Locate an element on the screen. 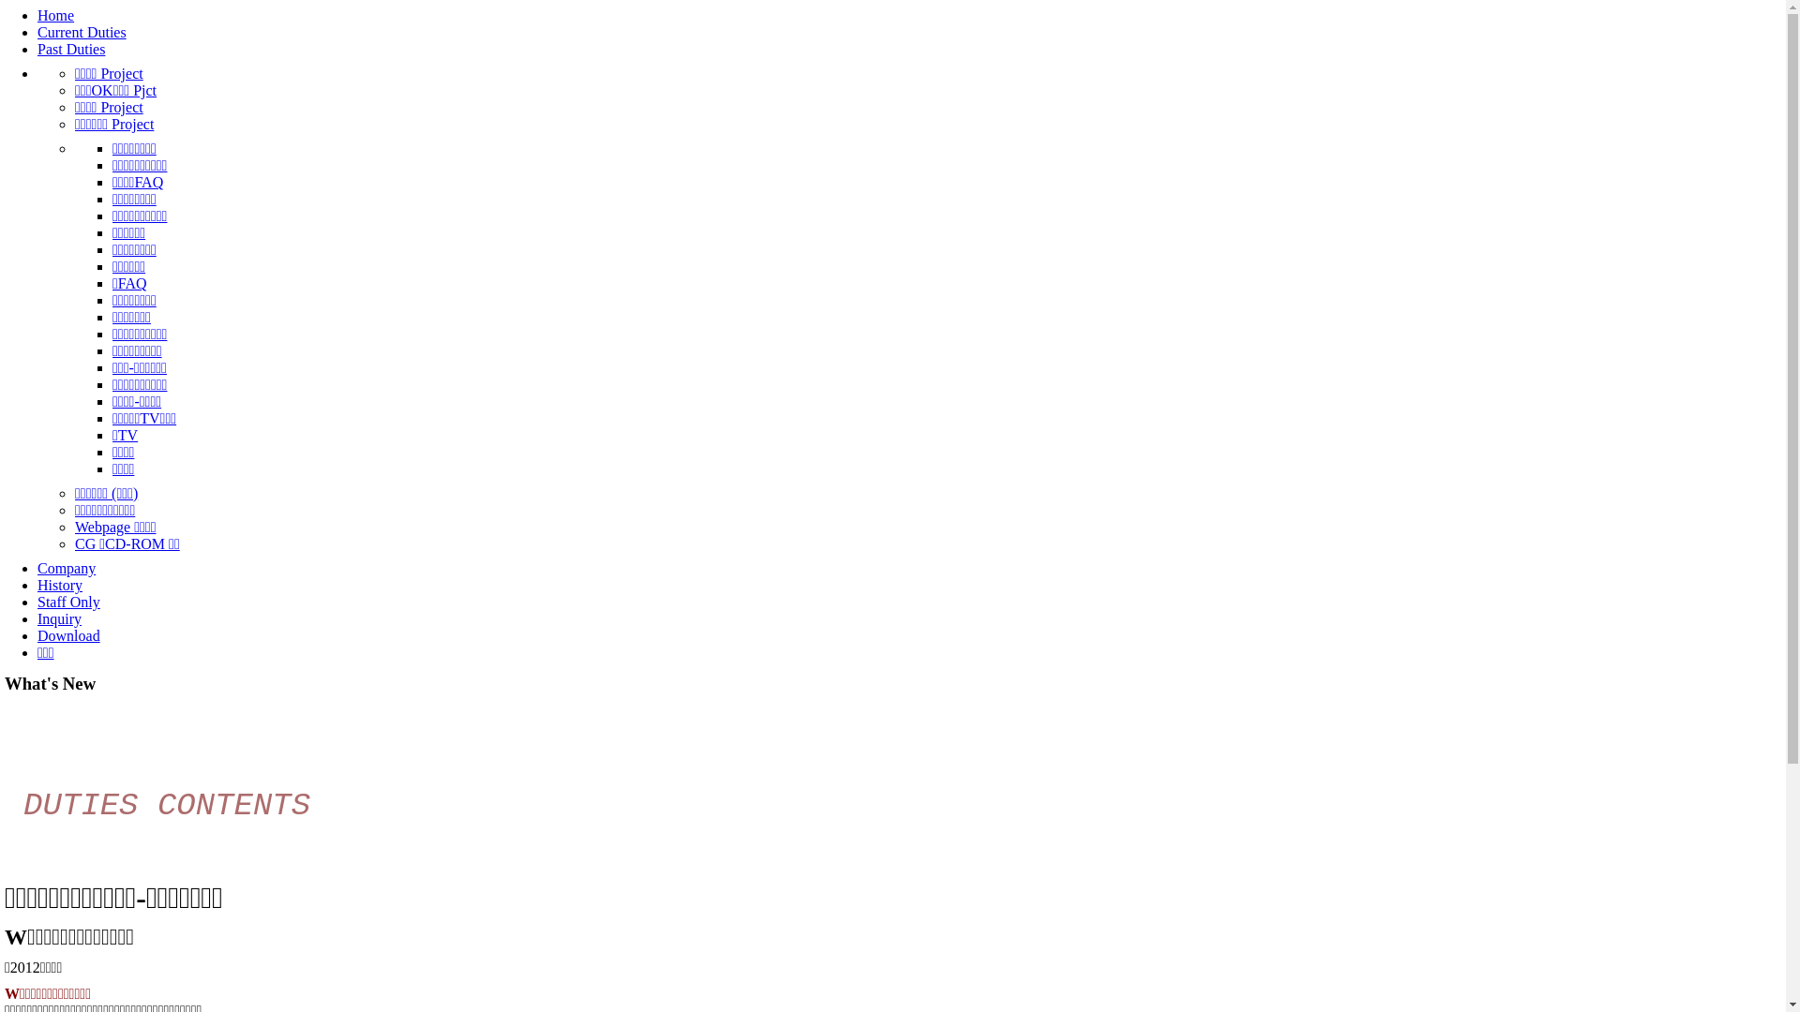  'Staff Only' is located at coordinates (37, 602).